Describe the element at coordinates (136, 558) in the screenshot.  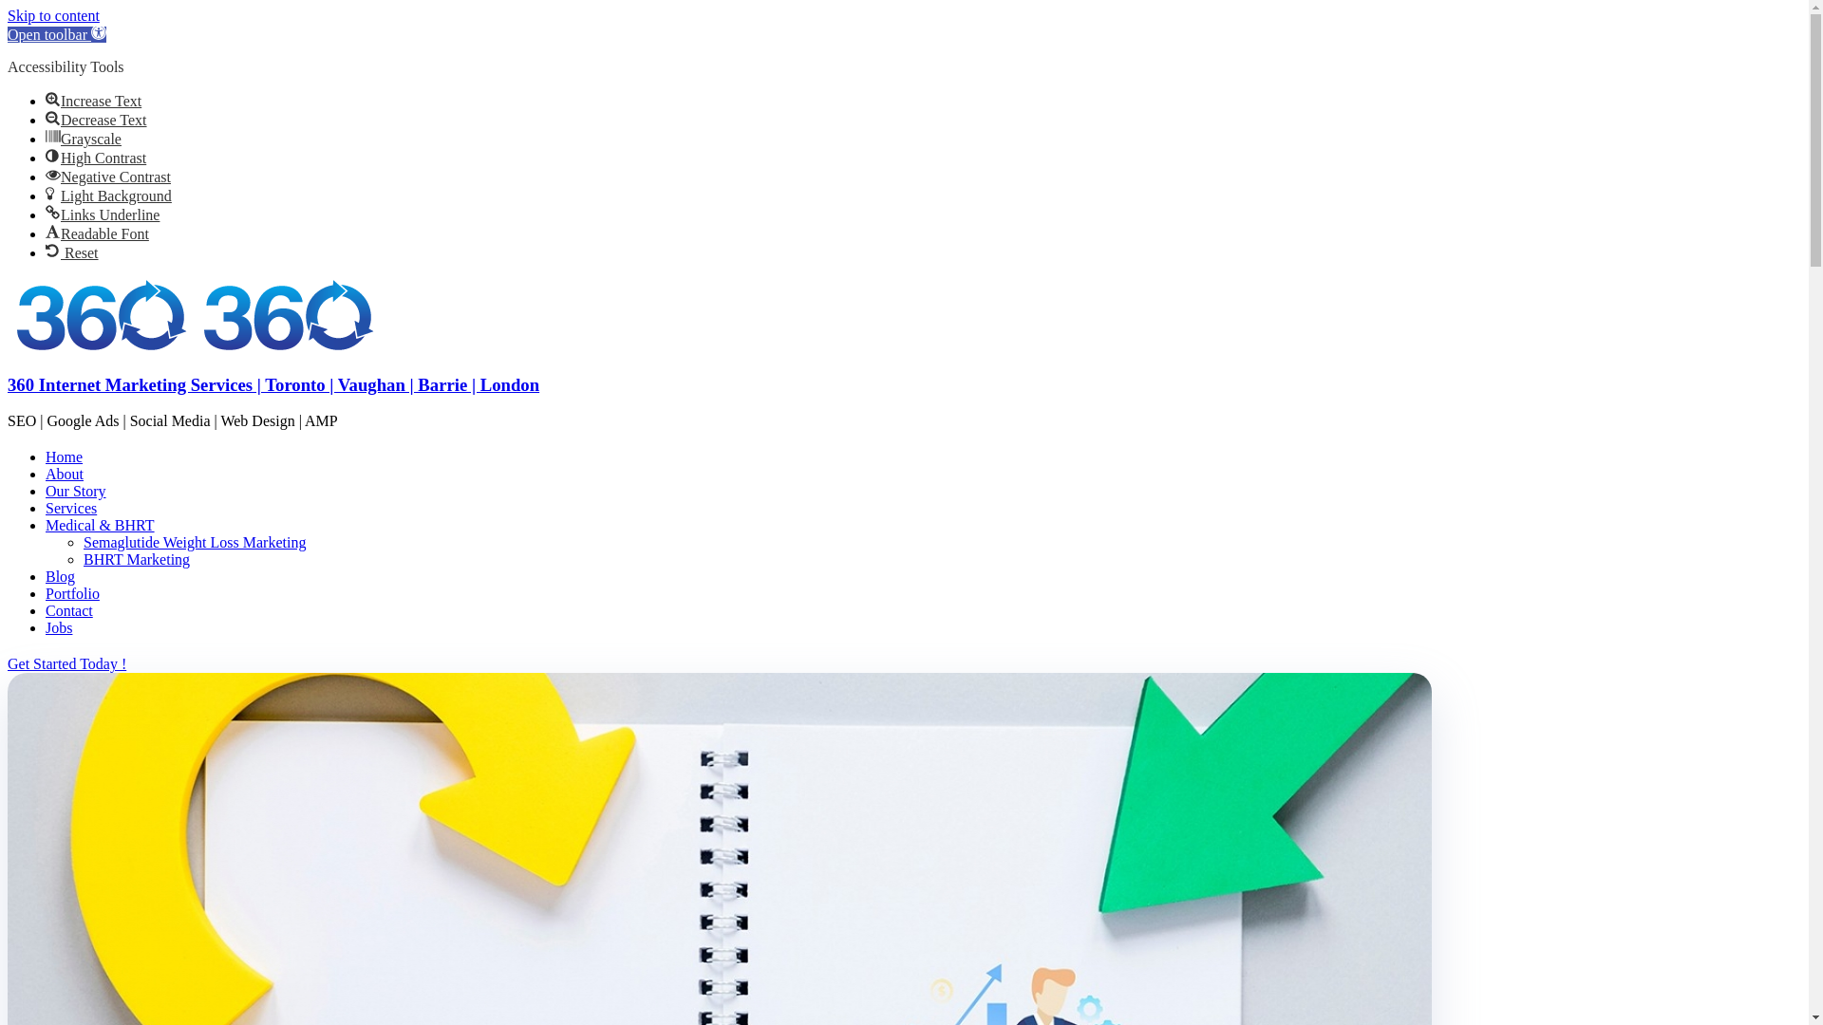
I see `'BHRT Marketing'` at that location.